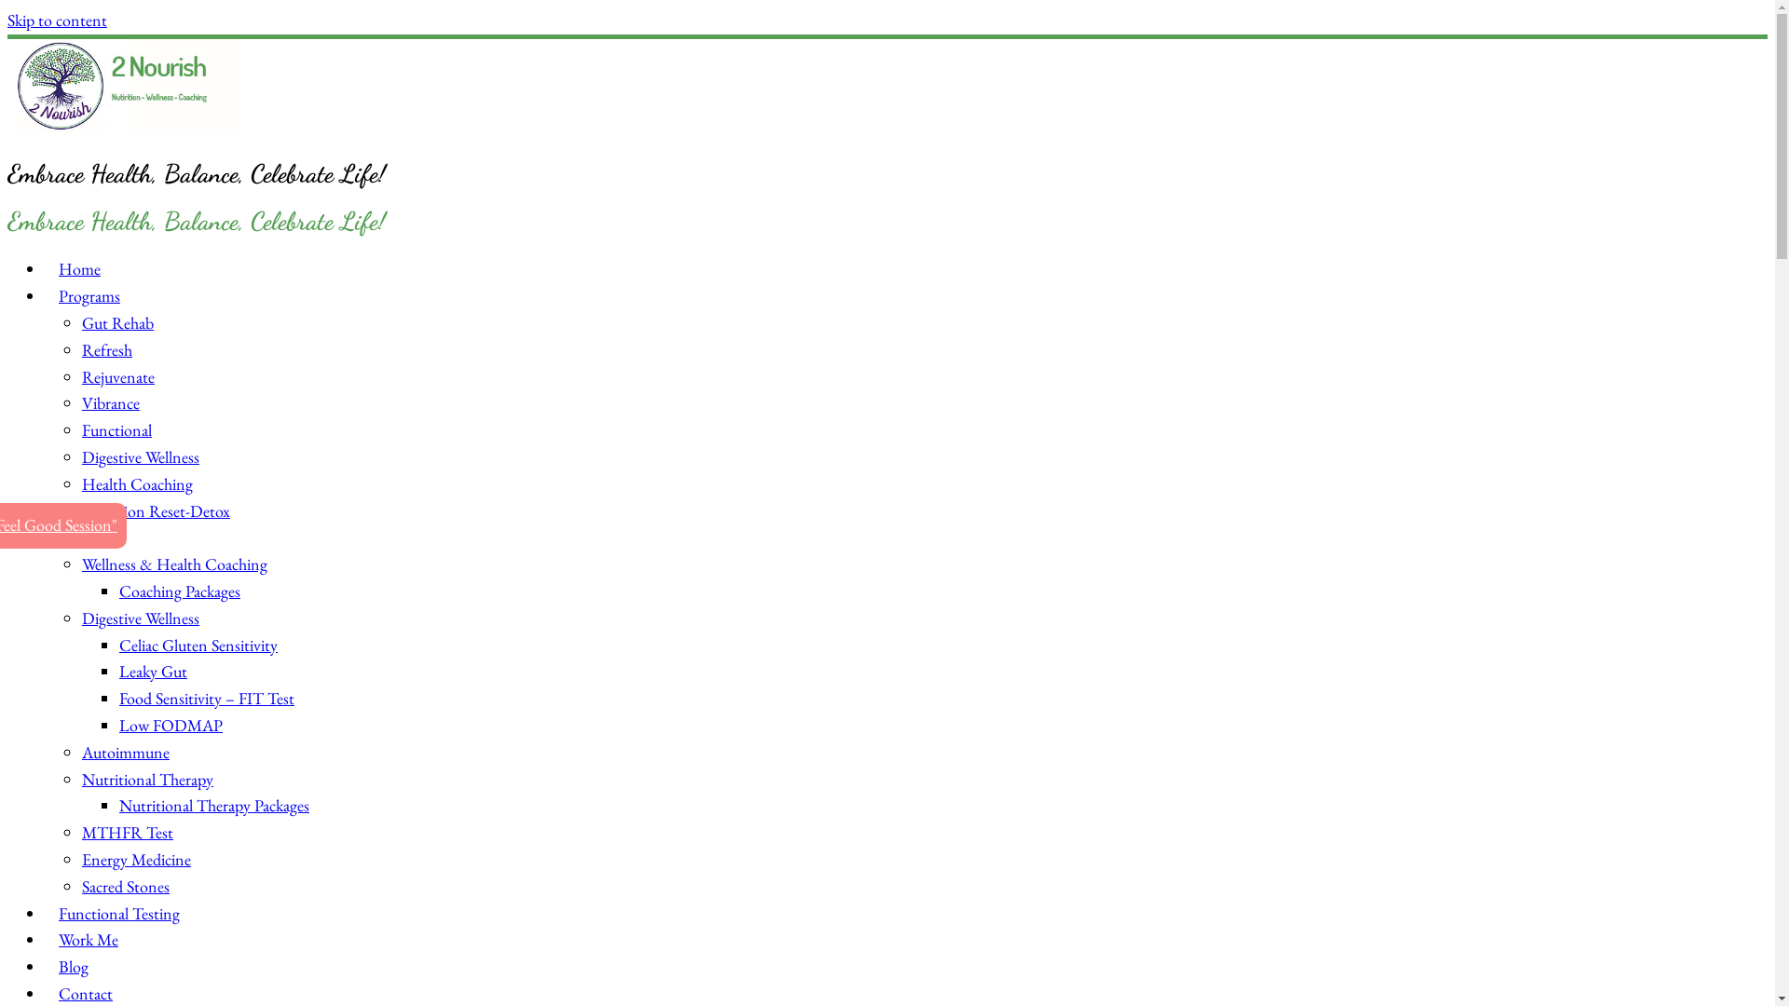 This screenshot has width=1789, height=1006. What do you see at coordinates (179, 591) in the screenshot?
I see `'Coaching Packages'` at bounding box center [179, 591].